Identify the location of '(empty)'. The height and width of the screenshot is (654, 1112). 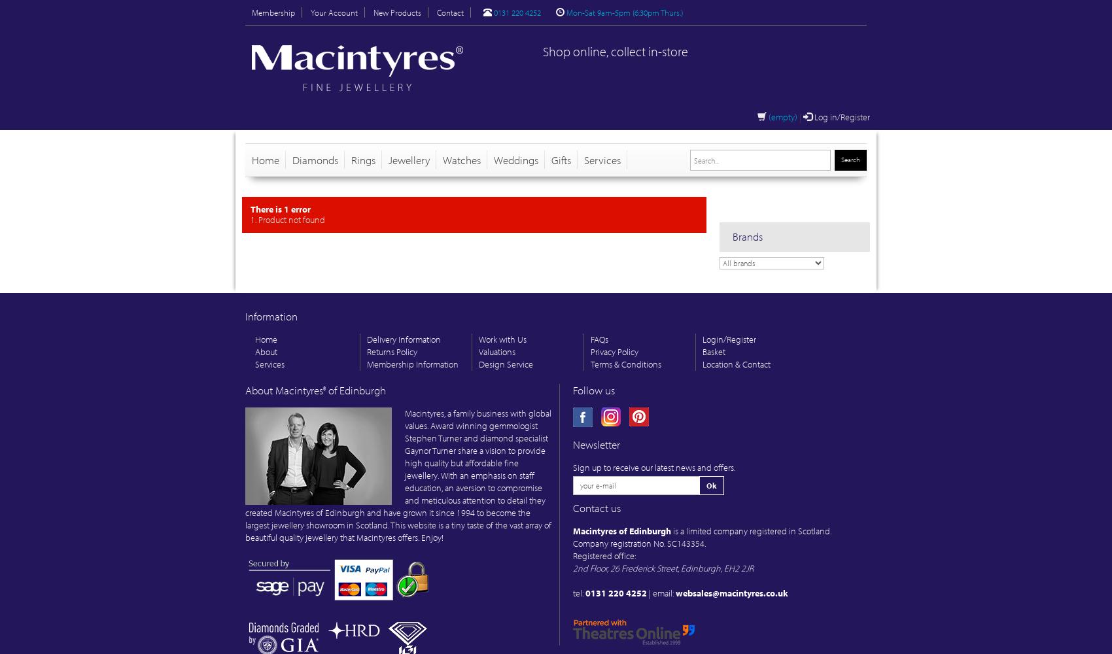
(782, 117).